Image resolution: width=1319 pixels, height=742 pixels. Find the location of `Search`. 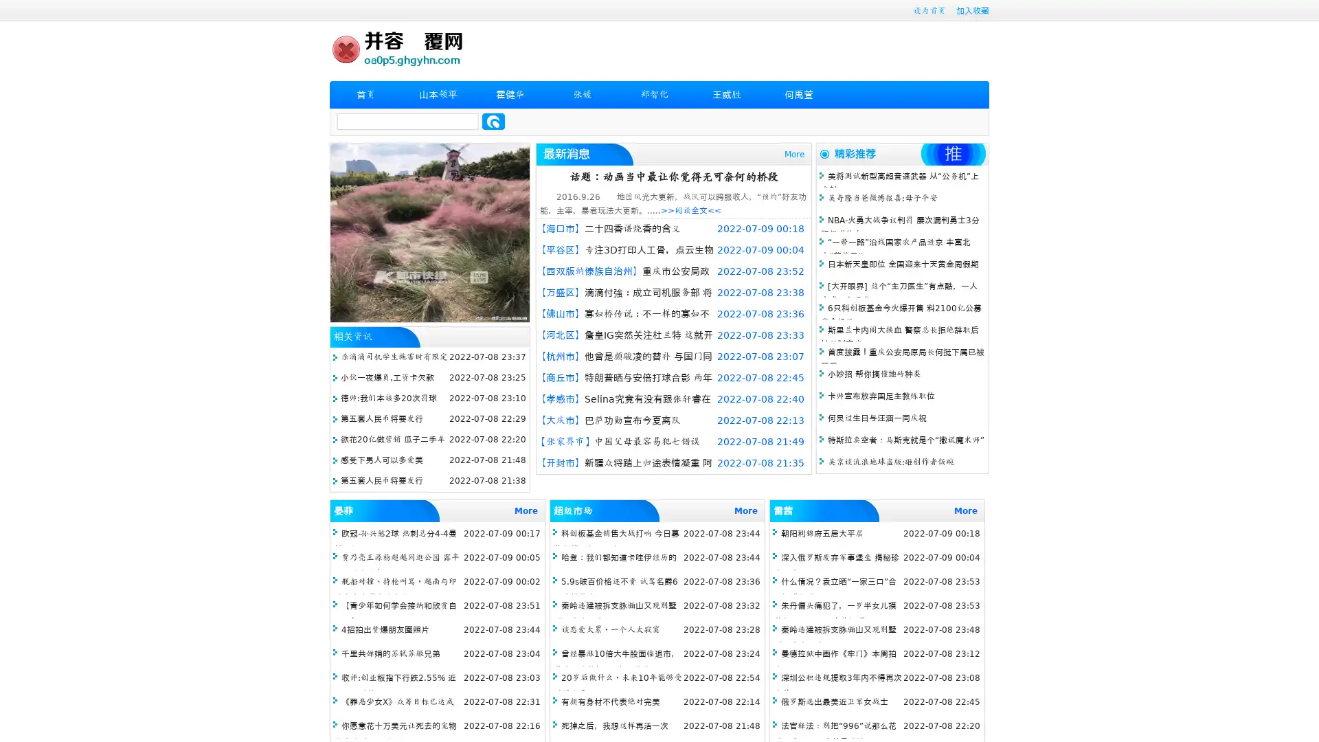

Search is located at coordinates (493, 121).